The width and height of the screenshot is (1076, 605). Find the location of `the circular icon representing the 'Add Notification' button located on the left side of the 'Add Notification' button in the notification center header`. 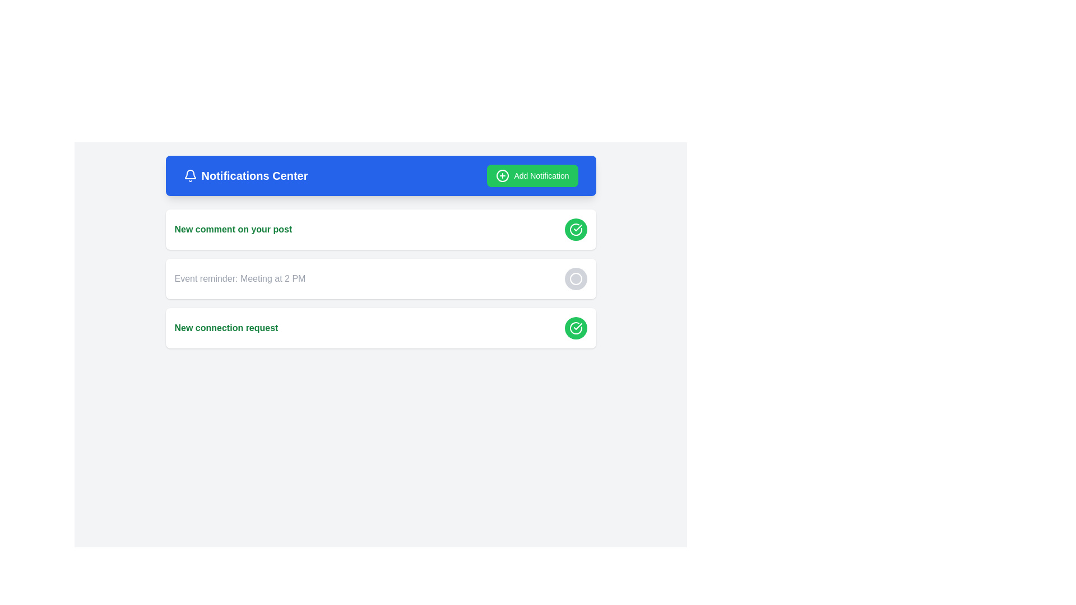

the circular icon representing the 'Add Notification' button located on the left side of the 'Add Notification' button in the notification center header is located at coordinates (502, 175).